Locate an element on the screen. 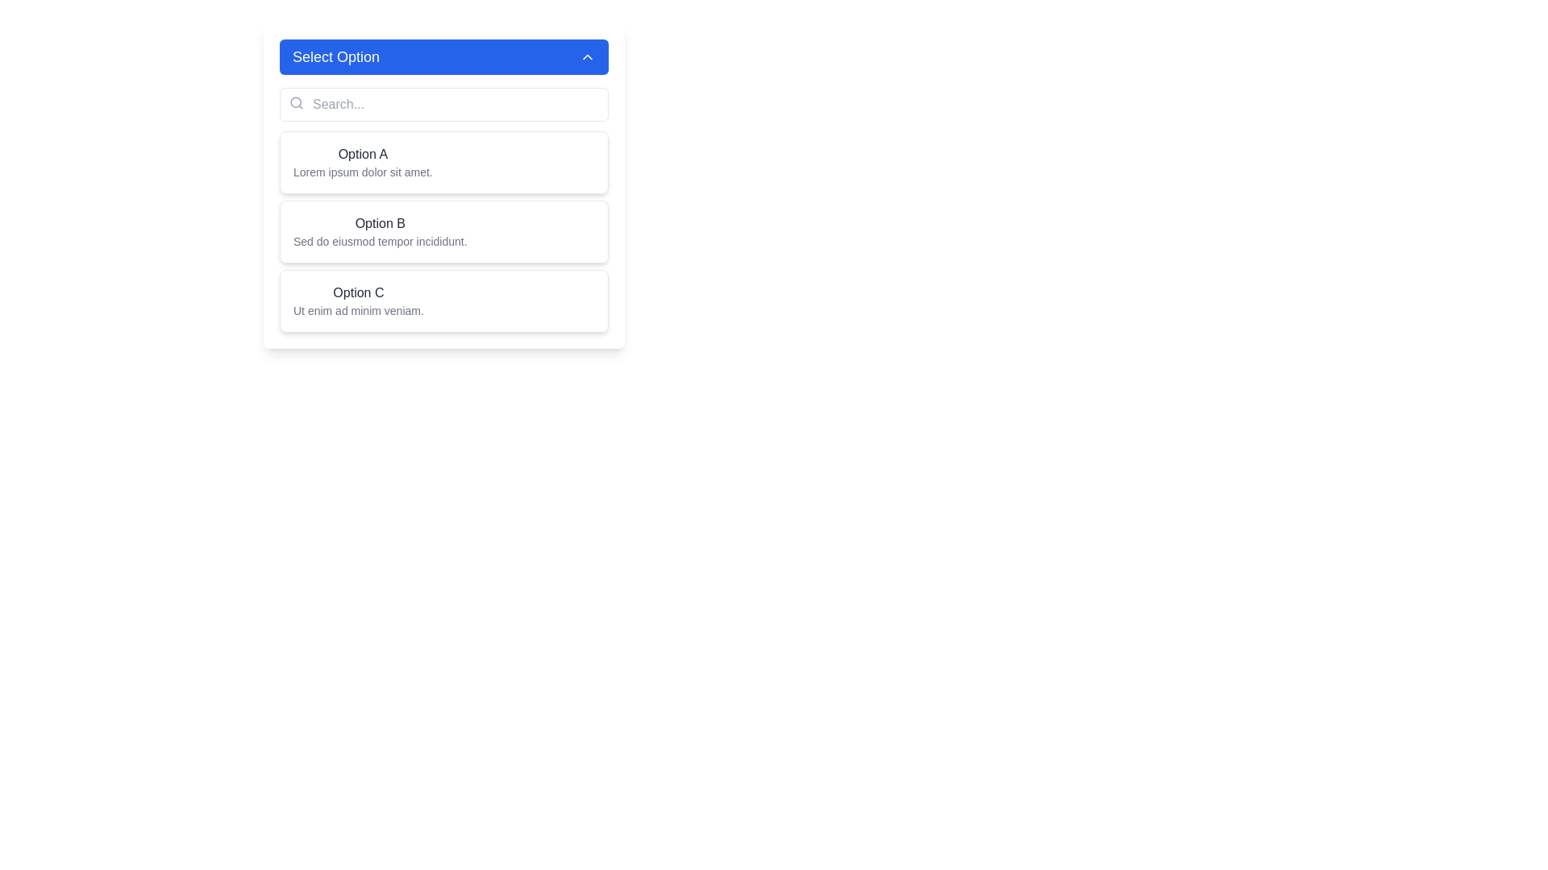 The image size is (1548, 870). the functionality of the input field associated with the gray magnifying glass icon located on the left side of the text search input field is located at coordinates (297, 102).